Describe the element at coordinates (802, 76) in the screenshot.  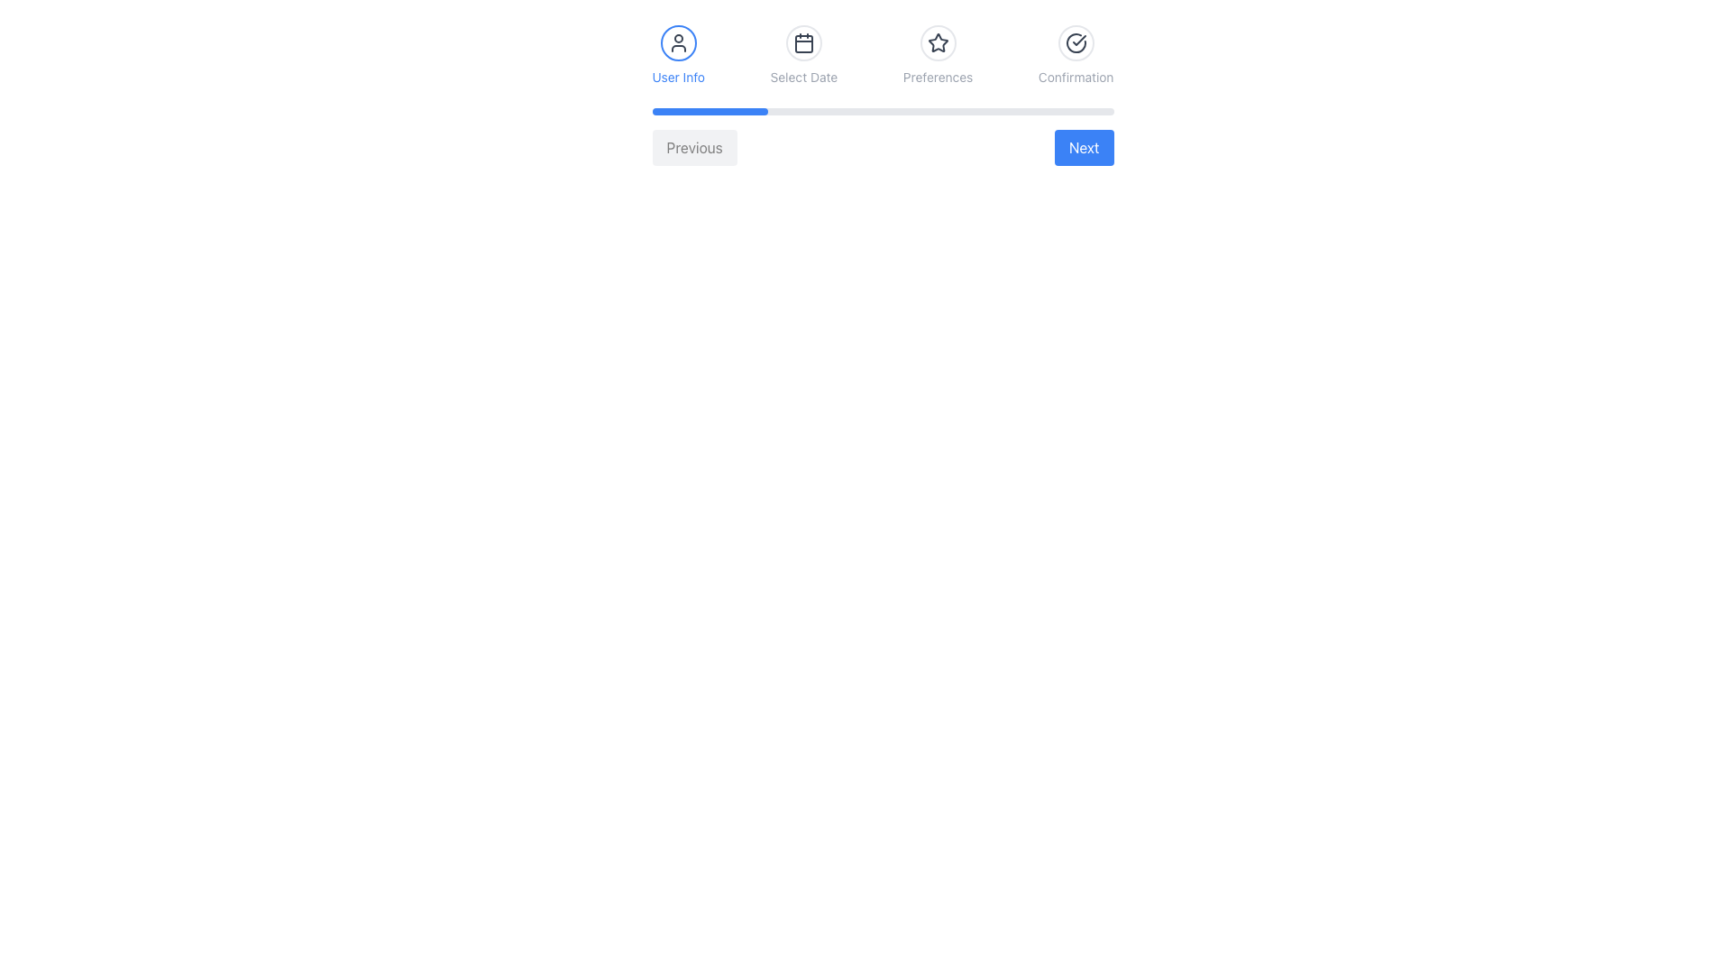
I see `the text label stating 'Select Date' which is centrally aligned beneath the calendar icon in the navigation bar` at that location.